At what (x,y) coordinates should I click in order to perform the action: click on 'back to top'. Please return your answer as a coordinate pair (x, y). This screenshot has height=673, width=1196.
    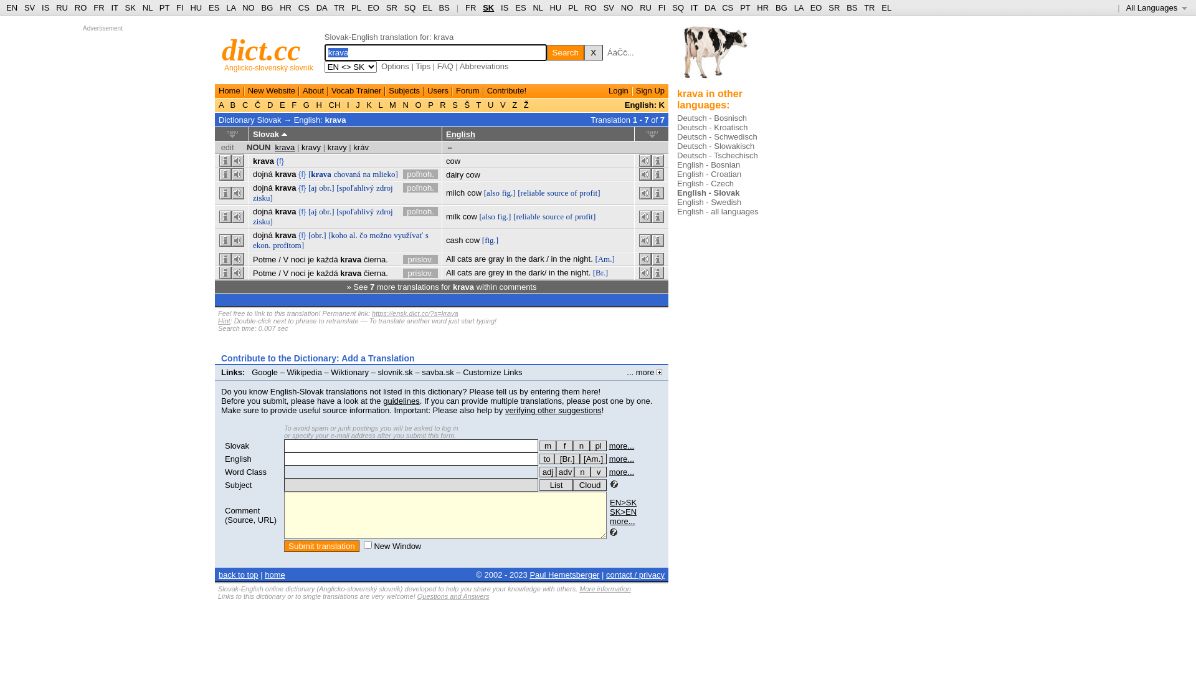
    Looking at the image, I should click on (239, 575).